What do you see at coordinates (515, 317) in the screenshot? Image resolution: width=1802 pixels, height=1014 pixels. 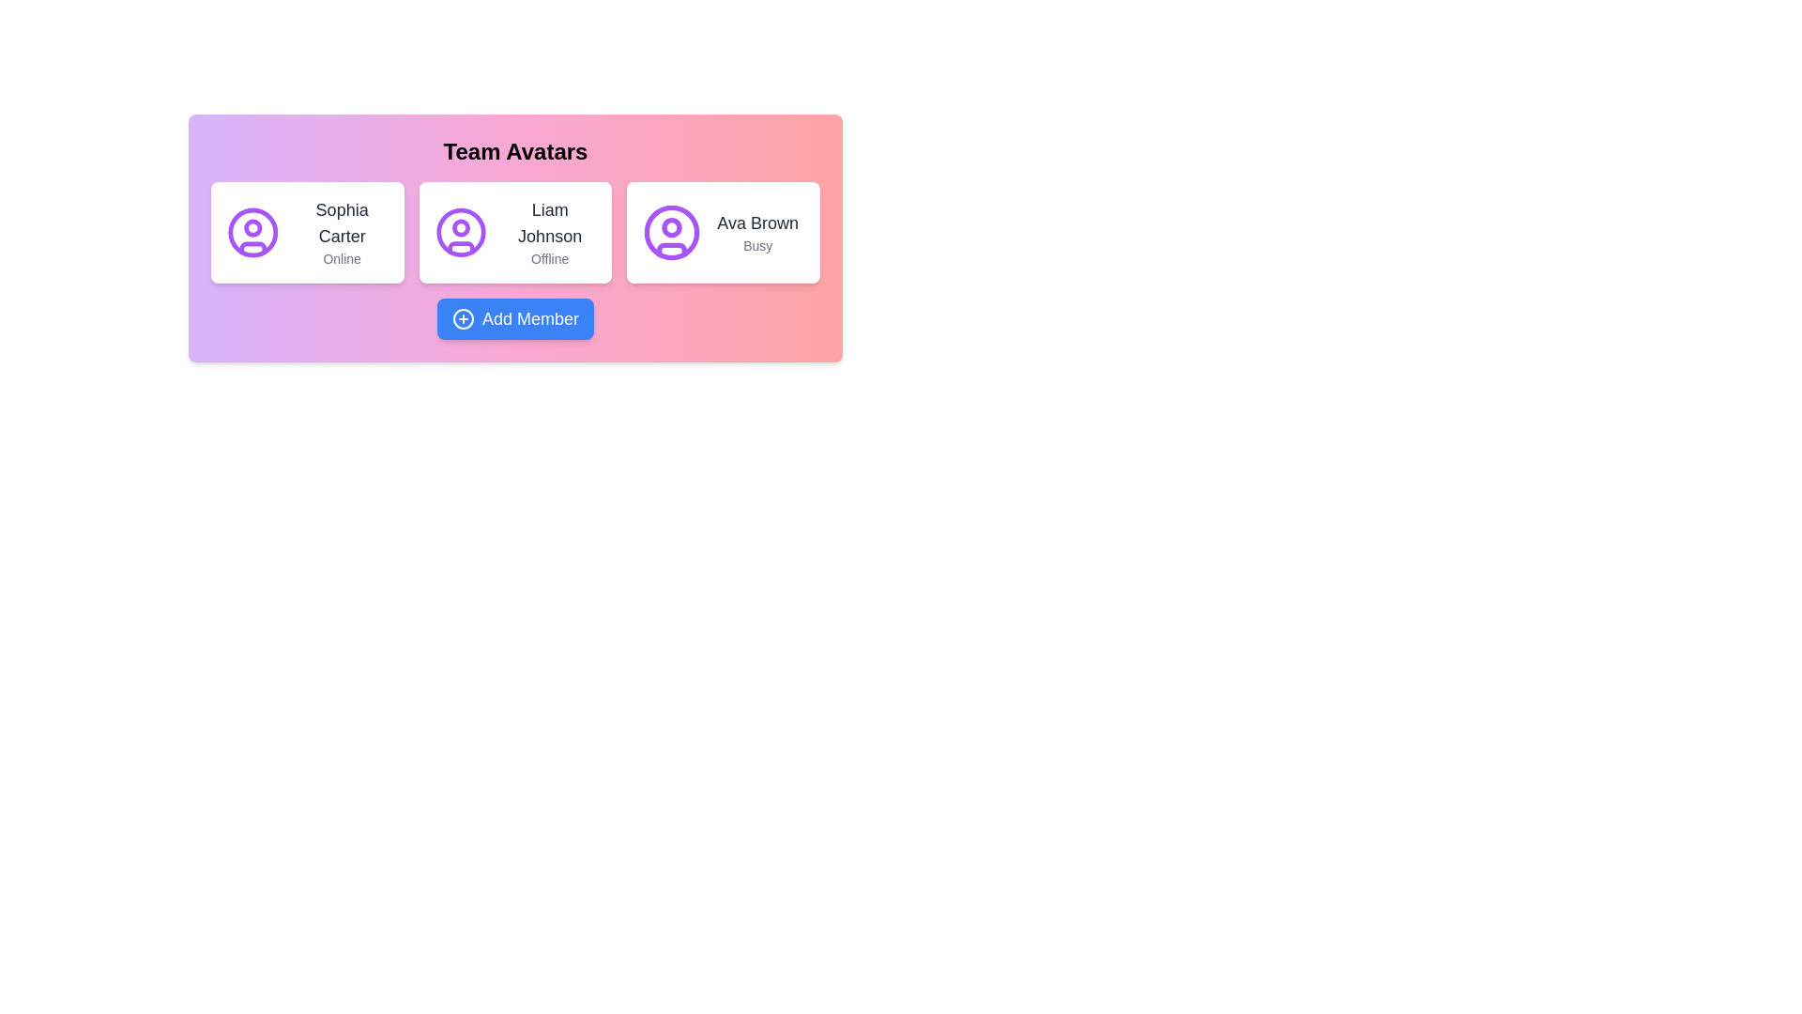 I see `the blue button labeled 'Add Member' with rounded corners and a plus sign icon to change its background to a darker blue` at bounding box center [515, 317].